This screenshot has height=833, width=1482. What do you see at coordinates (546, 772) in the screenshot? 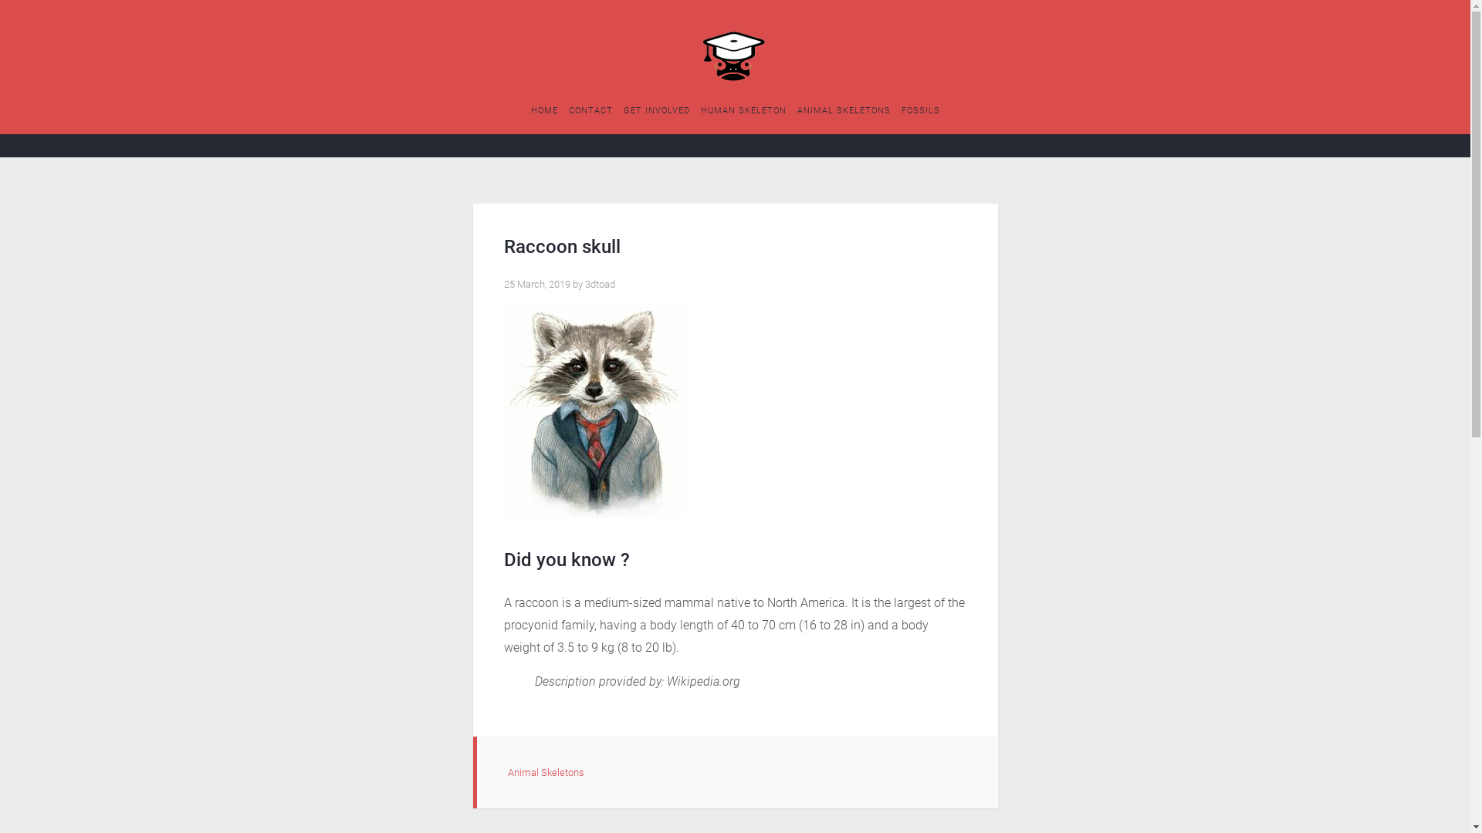
I see `'Animal Skeletons'` at bounding box center [546, 772].